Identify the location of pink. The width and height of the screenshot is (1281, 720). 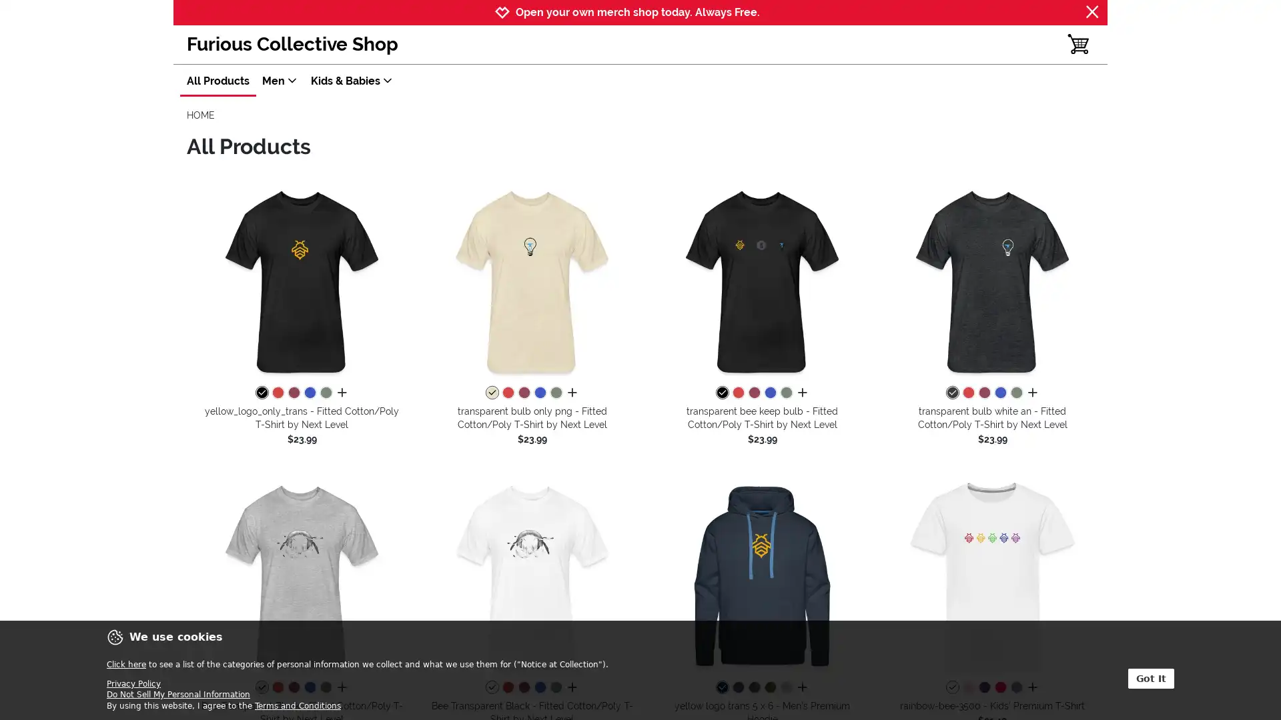
(967, 688).